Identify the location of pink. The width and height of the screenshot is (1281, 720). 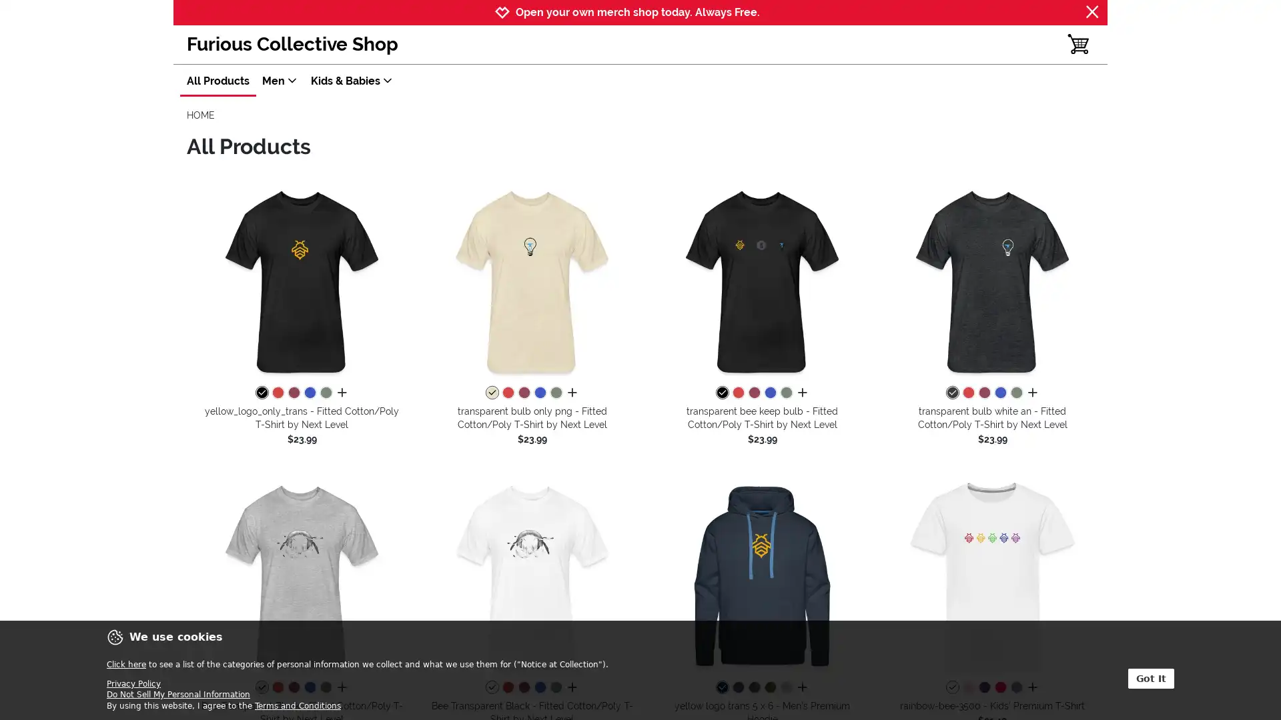
(967, 688).